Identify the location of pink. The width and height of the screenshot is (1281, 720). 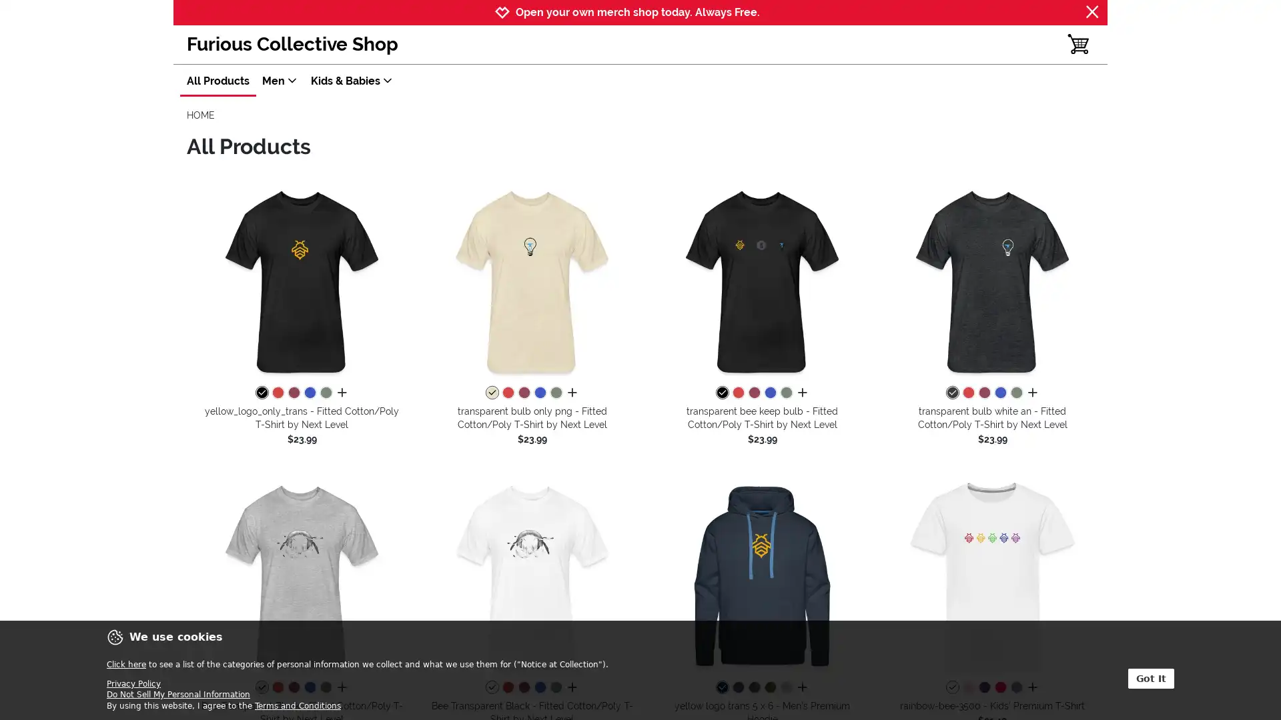
(967, 688).